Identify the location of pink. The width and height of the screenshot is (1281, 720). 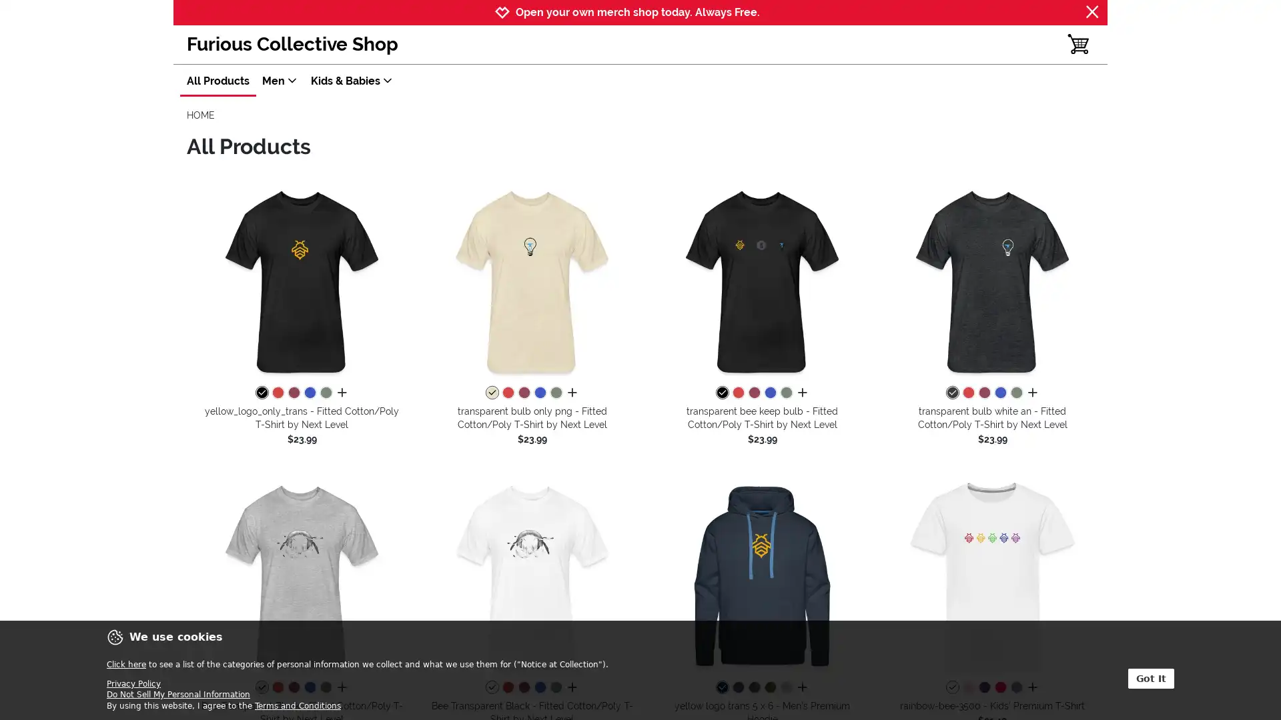
(967, 688).